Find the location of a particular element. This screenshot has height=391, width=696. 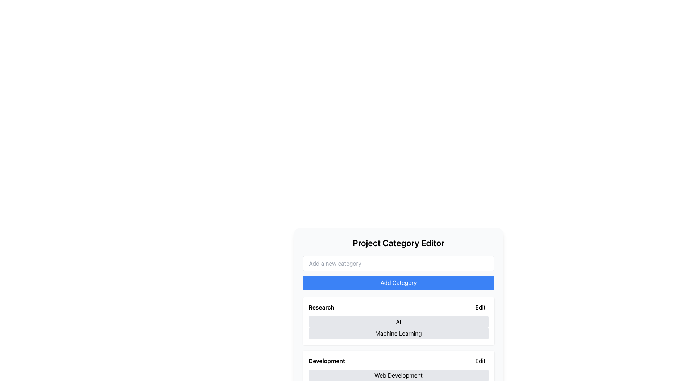

the interactive 'Edit' button-like text element located on the right side of the 'Development' section is located at coordinates (482, 361).